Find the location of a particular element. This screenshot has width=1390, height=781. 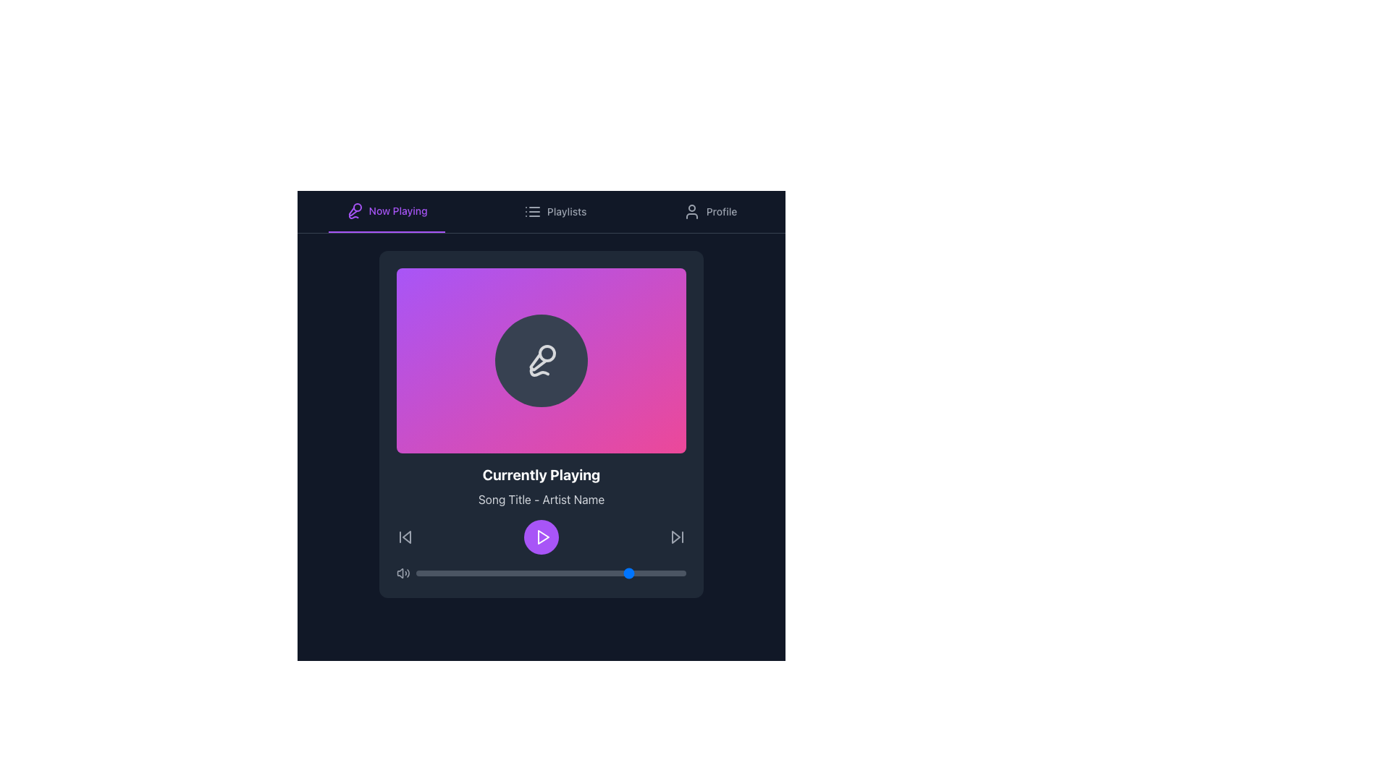

the user silhouette icon located in the top-right corner of the navigation bar is located at coordinates (691, 212).